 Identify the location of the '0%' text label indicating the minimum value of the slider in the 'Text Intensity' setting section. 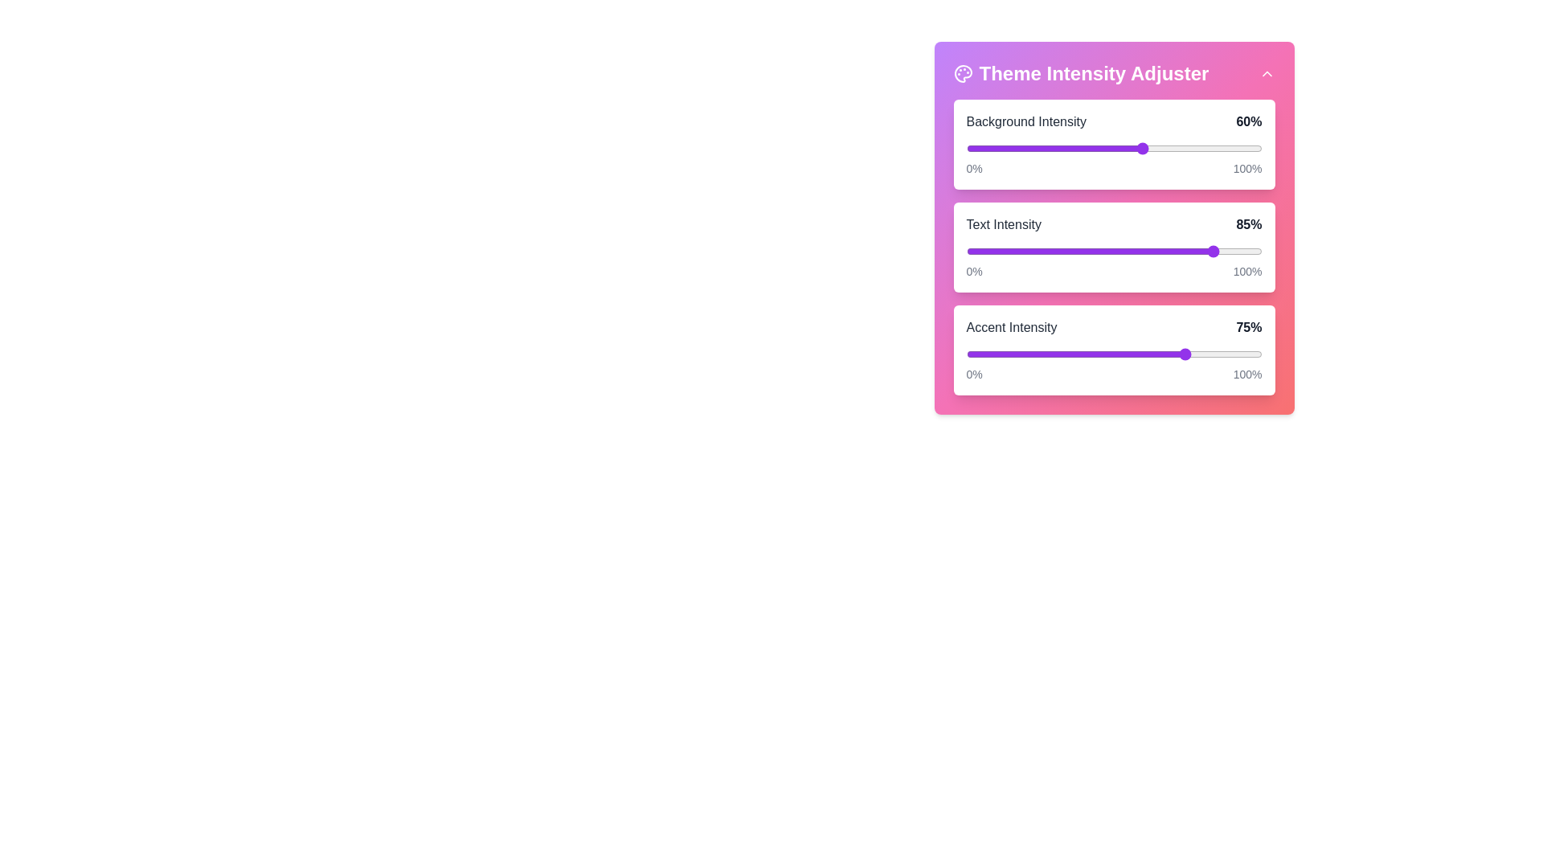
(1113, 271).